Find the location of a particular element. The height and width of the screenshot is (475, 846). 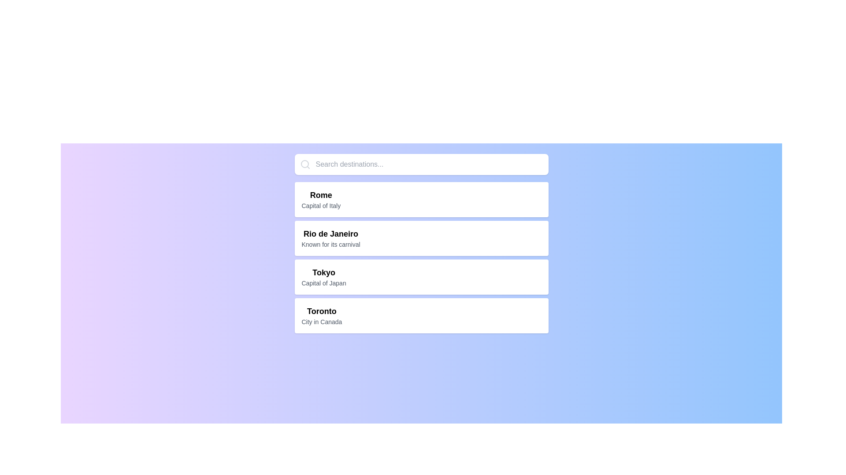

the non-interactive text label displaying 'Tokyo', which indicates the name of the city in a vertical list of city names is located at coordinates (323, 272).